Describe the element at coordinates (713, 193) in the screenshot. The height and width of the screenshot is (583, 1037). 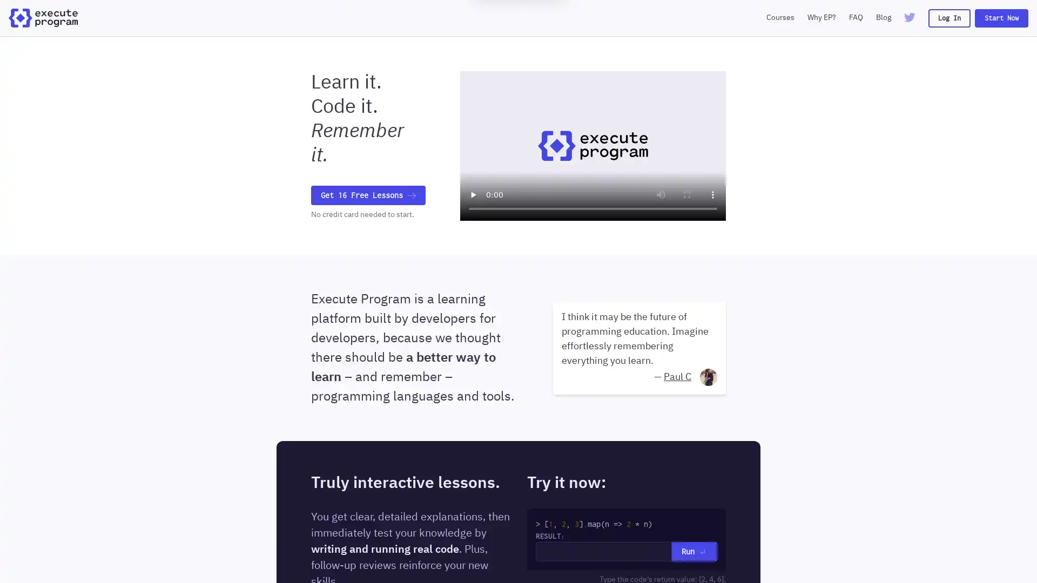
I see `show more media controls` at that location.